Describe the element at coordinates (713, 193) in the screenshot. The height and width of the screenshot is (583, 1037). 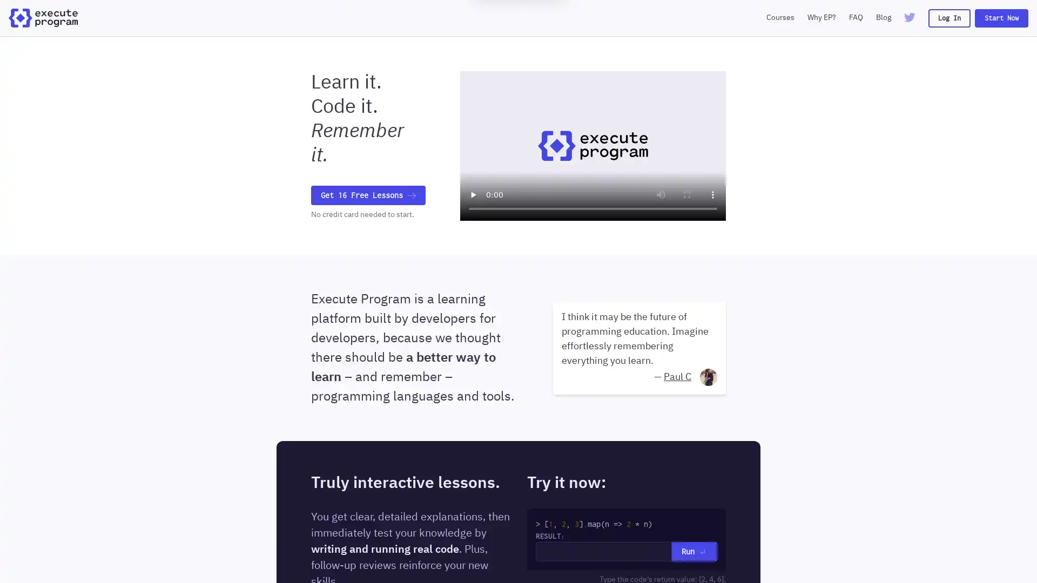
I see `show more media controls` at that location.